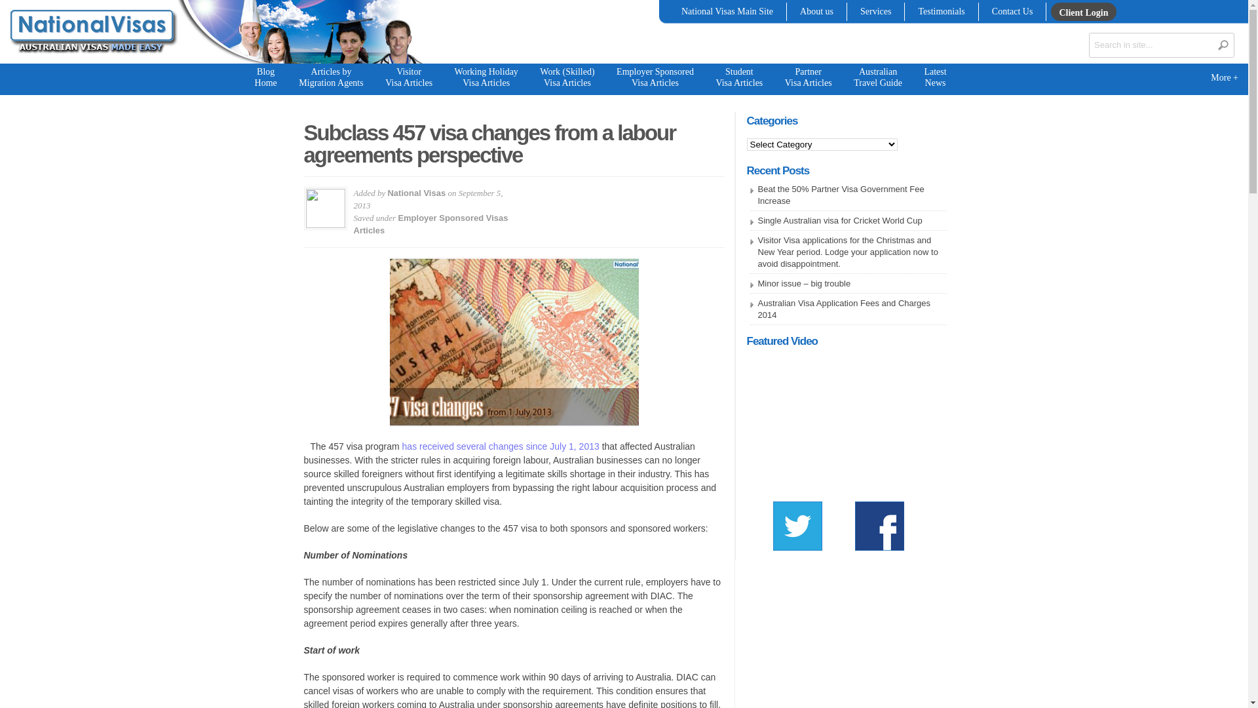  What do you see at coordinates (1223, 78) in the screenshot?
I see `'More +'` at bounding box center [1223, 78].